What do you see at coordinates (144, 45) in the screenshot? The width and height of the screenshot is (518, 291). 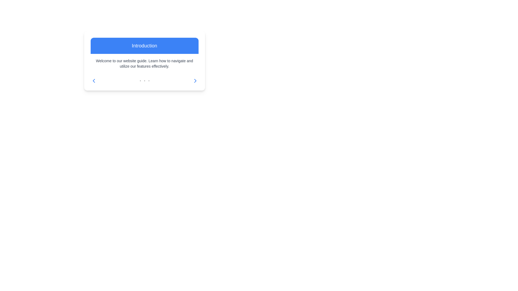 I see `text element that serves as the title or header for the associated content, centrally located in a blue rectangular header zone at the top of a card` at bounding box center [144, 45].